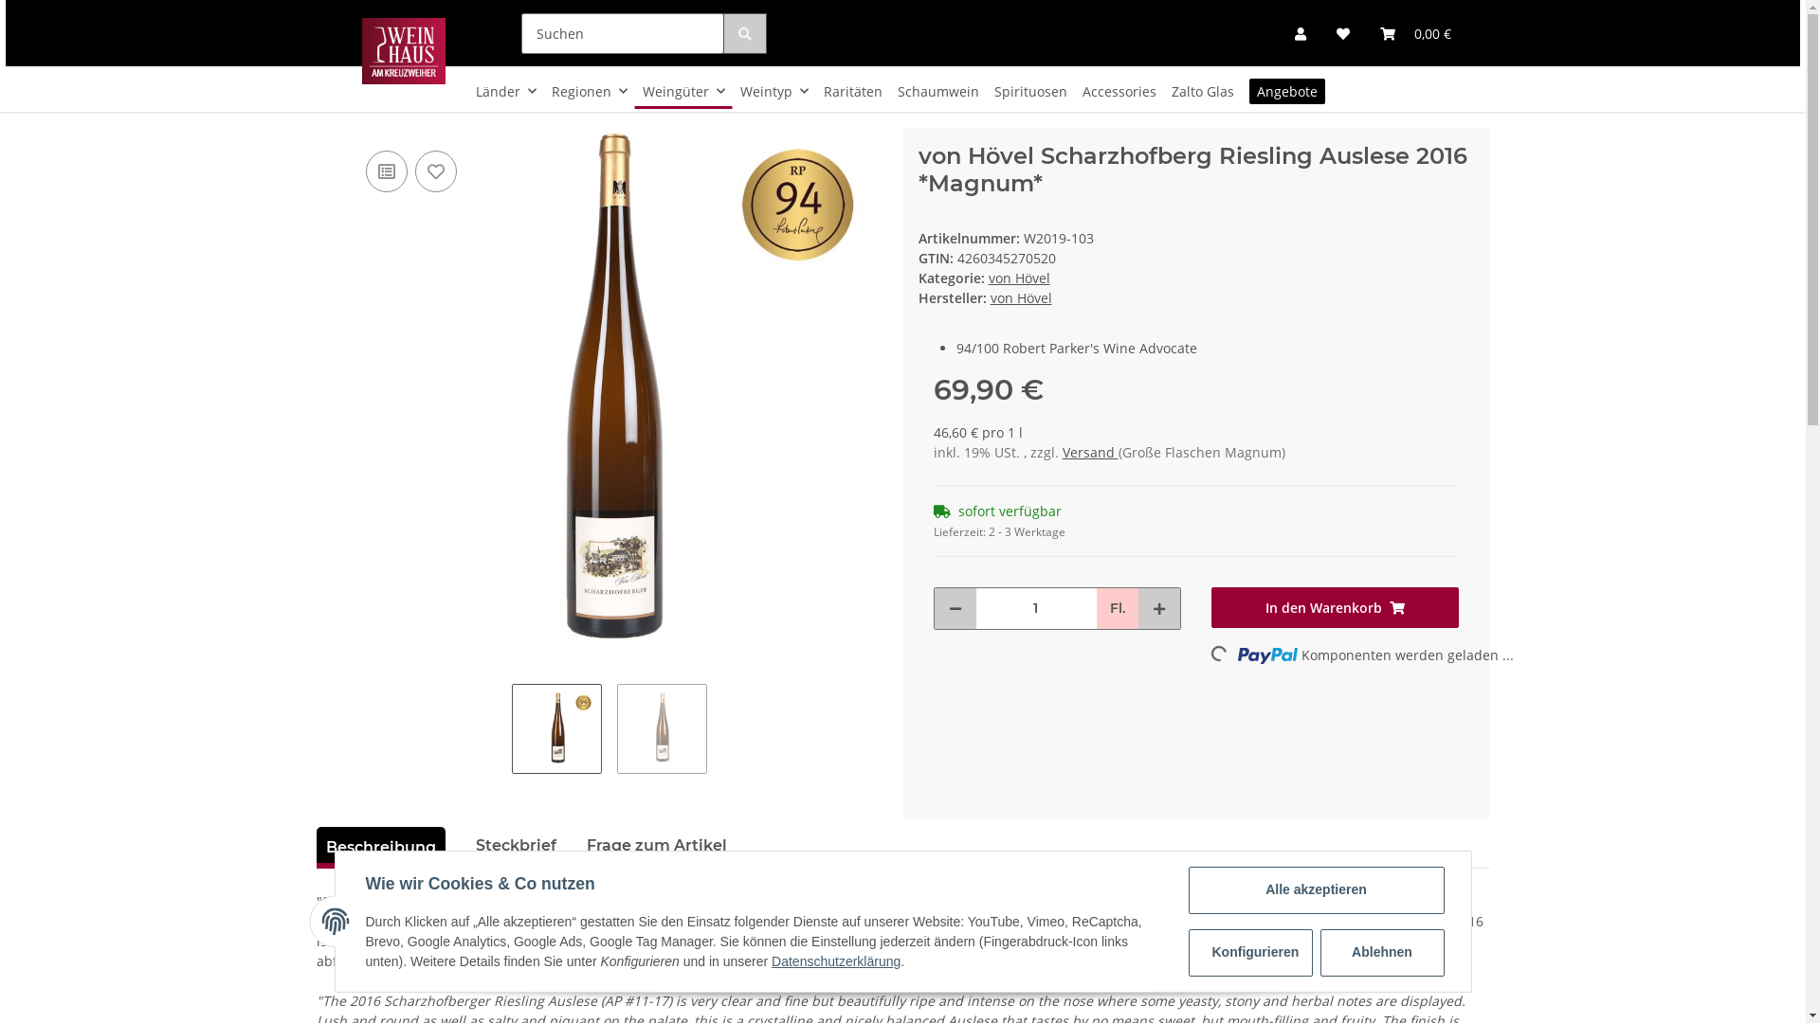 Image resolution: width=1820 pixels, height=1023 pixels. What do you see at coordinates (1029, 91) in the screenshot?
I see `'Spirituosen'` at bounding box center [1029, 91].